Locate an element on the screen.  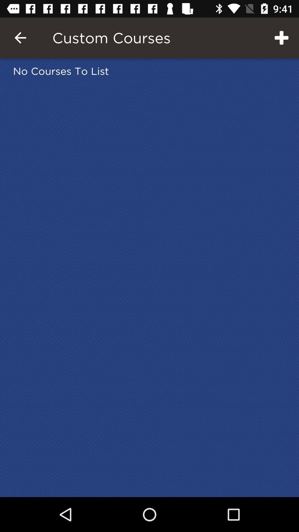
item to the left of the custom courses item is located at coordinates (20, 37).